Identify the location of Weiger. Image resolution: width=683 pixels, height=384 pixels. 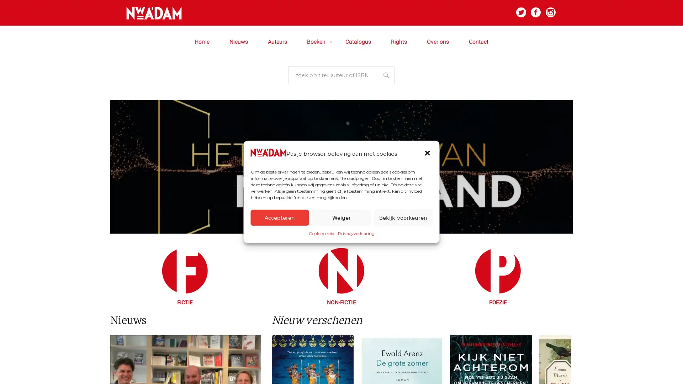
(341, 217).